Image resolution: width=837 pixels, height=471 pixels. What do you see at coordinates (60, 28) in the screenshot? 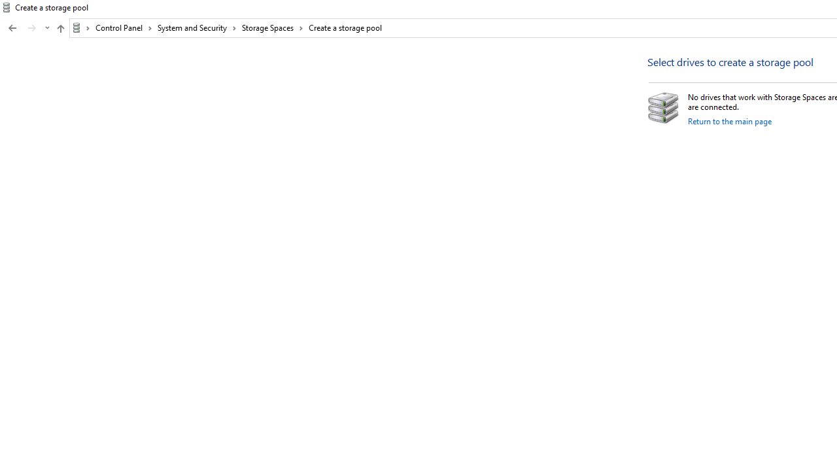
I see `'Up to "Storage Spaces" (Alt + Up Arrow)'` at bounding box center [60, 28].